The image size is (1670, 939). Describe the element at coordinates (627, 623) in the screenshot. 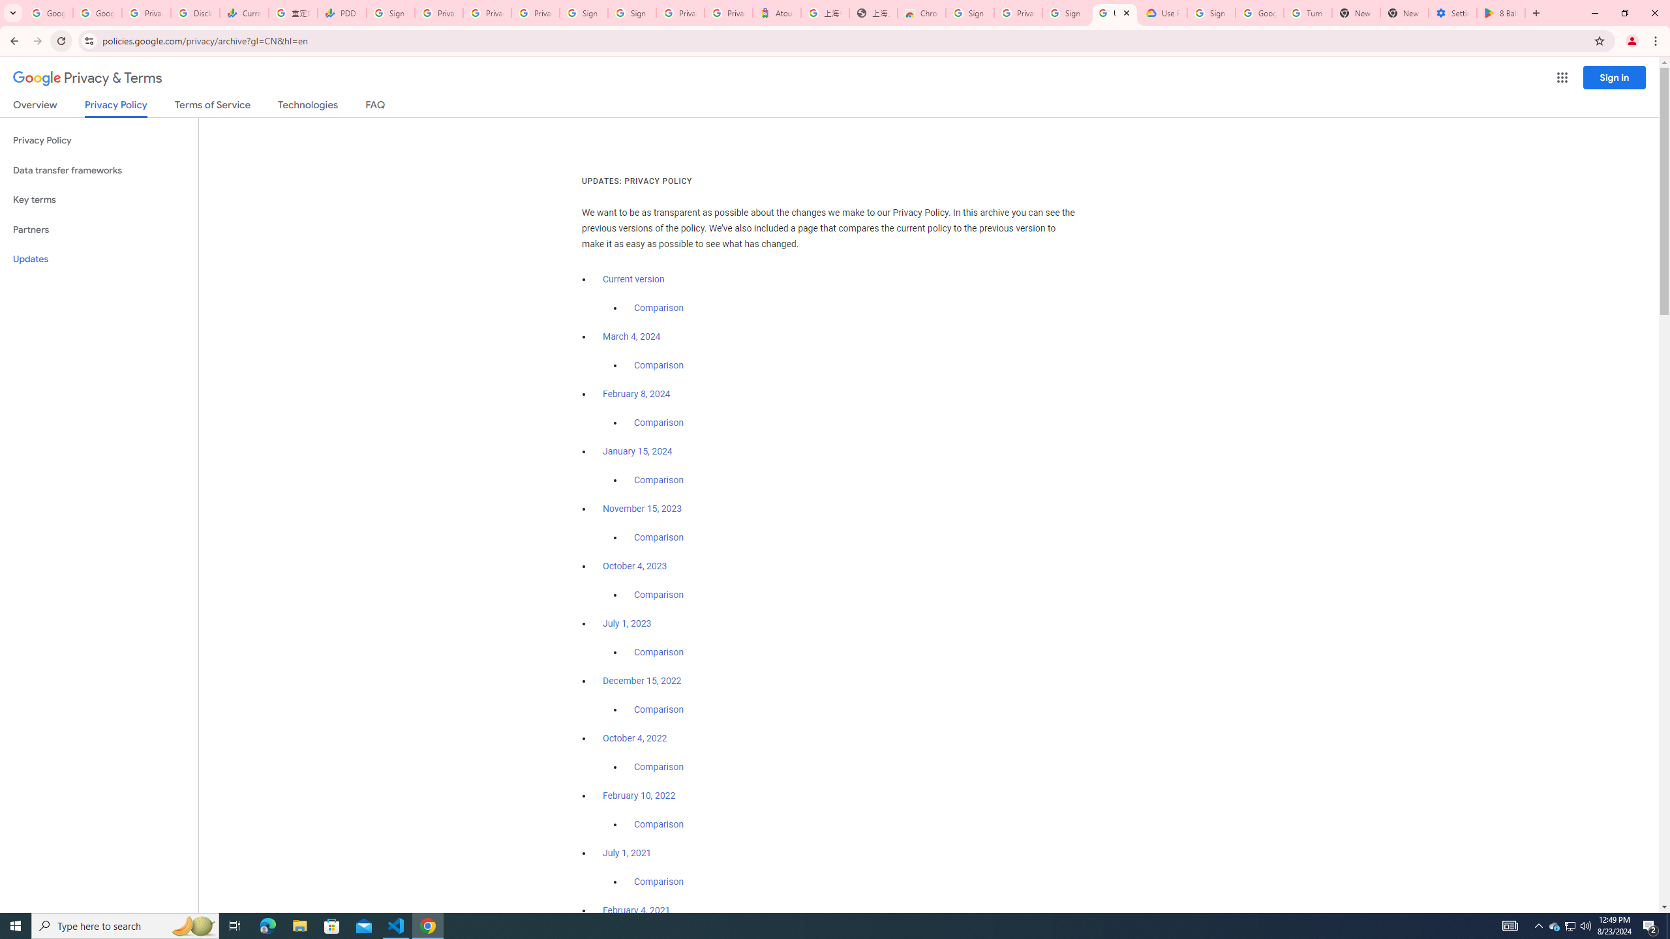

I see `'July 1, 2023'` at that location.